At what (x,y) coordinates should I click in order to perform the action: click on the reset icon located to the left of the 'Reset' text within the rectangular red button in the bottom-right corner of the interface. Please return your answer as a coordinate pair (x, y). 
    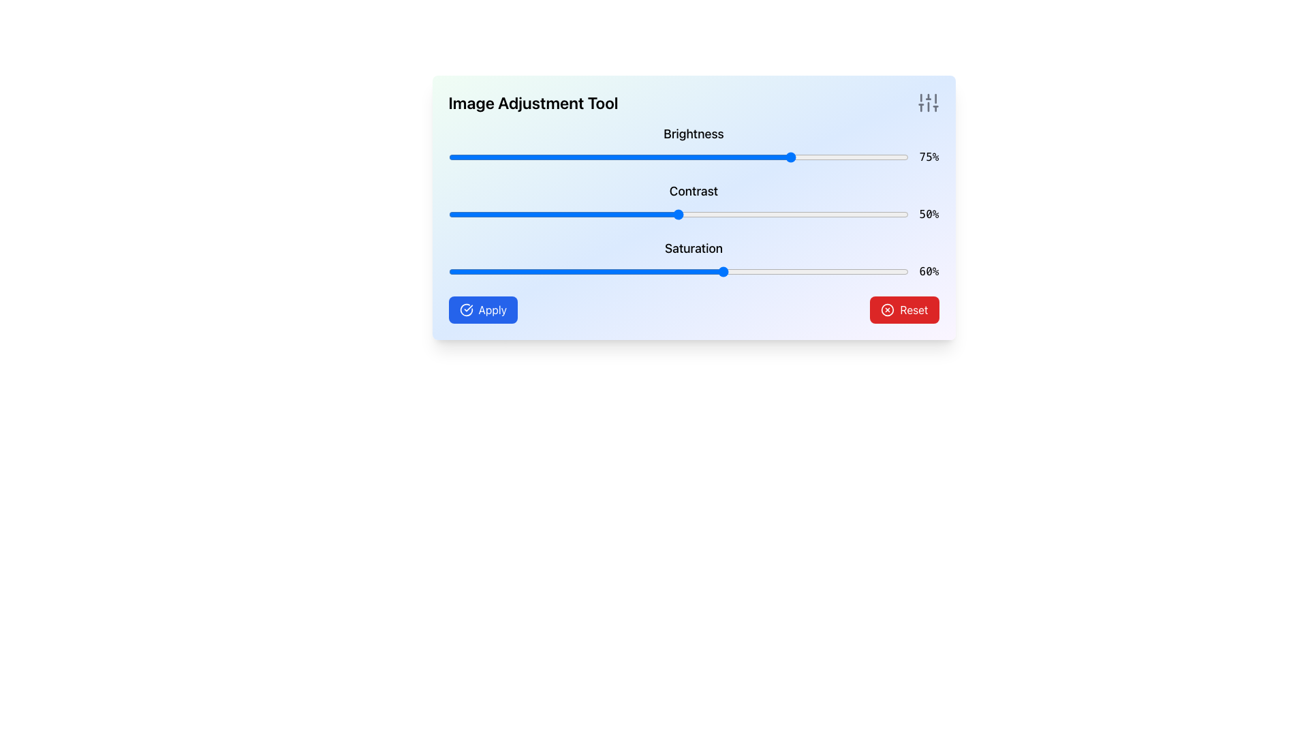
    Looking at the image, I should click on (888, 310).